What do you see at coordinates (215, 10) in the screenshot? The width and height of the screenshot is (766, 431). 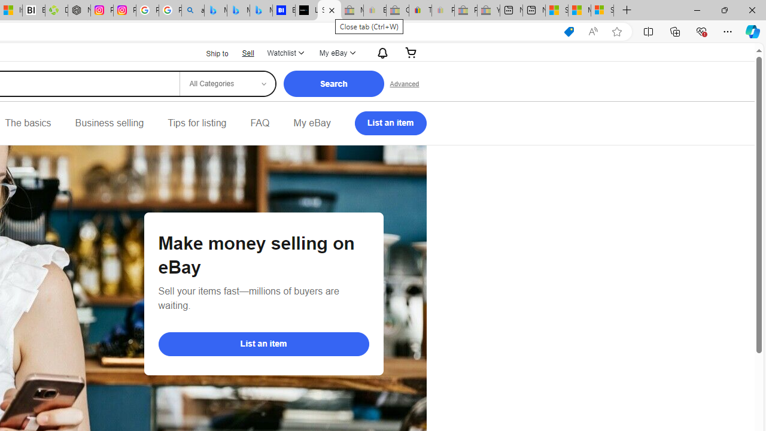 I see `'Microsoft Bing Travel - Flights from Hong Kong to Bangkok'` at bounding box center [215, 10].